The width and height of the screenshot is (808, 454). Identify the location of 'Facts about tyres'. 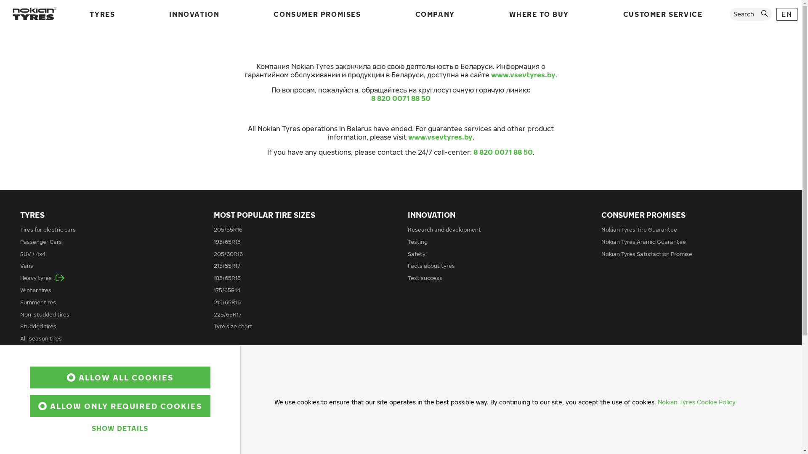
(431, 266).